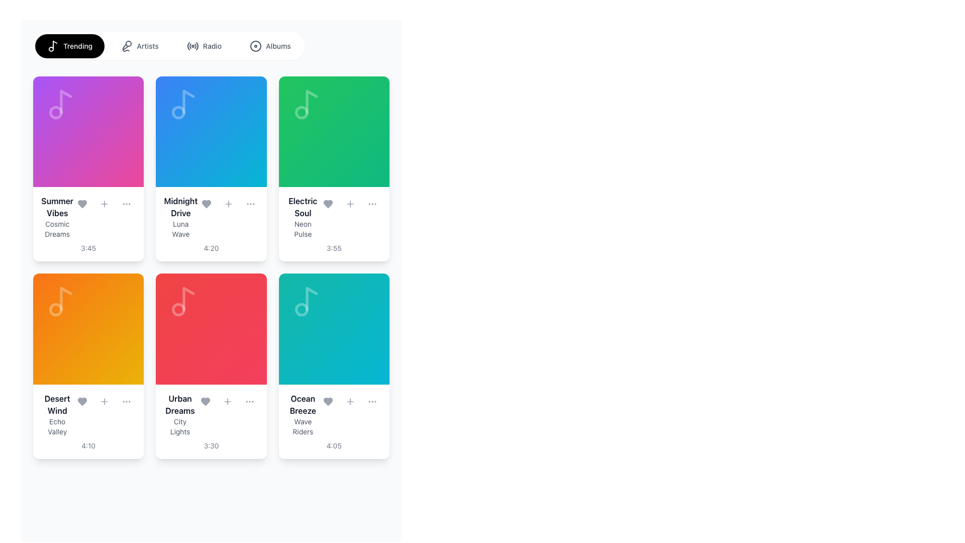  Describe the element at coordinates (301, 309) in the screenshot. I see `the decorative circle that represents a music note's dot, located in the bottom-right card of the music cards grid` at that location.